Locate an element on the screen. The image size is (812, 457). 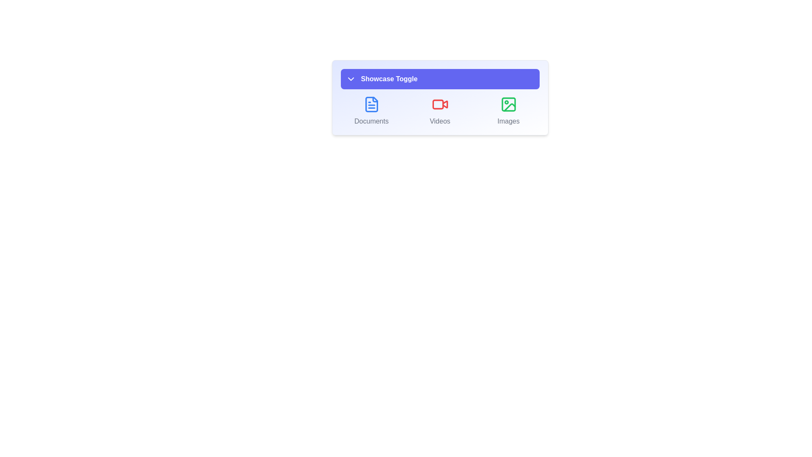
the text label reading 'Images', which is styled in gray and located beneath the image icon is located at coordinates (508, 121).